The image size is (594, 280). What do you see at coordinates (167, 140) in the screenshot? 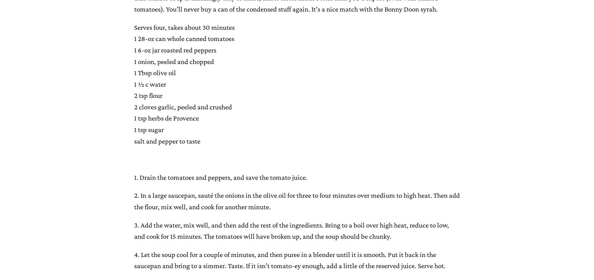
I see `'salt and pepper to taste'` at bounding box center [167, 140].